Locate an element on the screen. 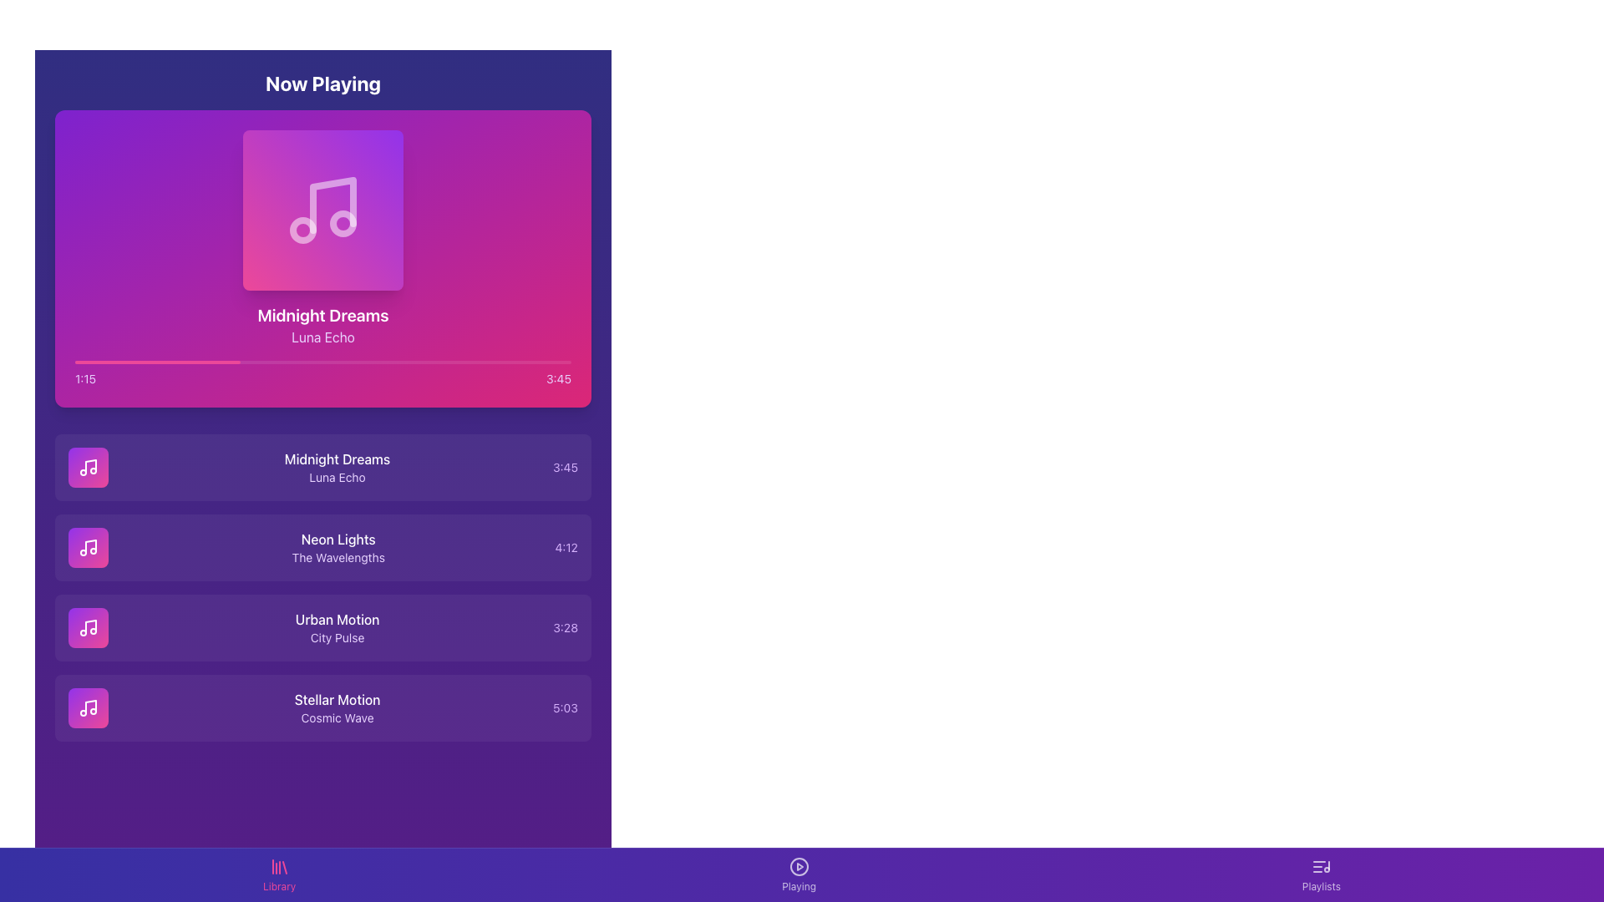 The width and height of the screenshot is (1604, 902). the playback progress is located at coordinates (456, 362).